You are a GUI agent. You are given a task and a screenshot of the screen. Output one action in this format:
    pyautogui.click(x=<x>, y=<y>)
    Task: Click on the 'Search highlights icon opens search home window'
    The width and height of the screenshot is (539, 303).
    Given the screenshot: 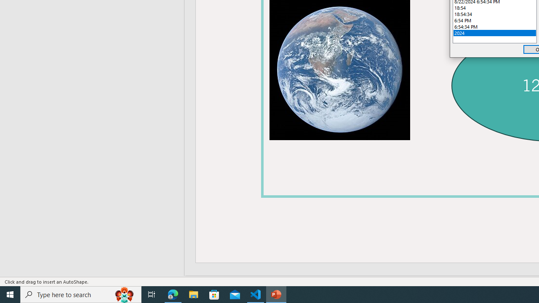 What is the action you would take?
    pyautogui.click(x=124, y=294)
    